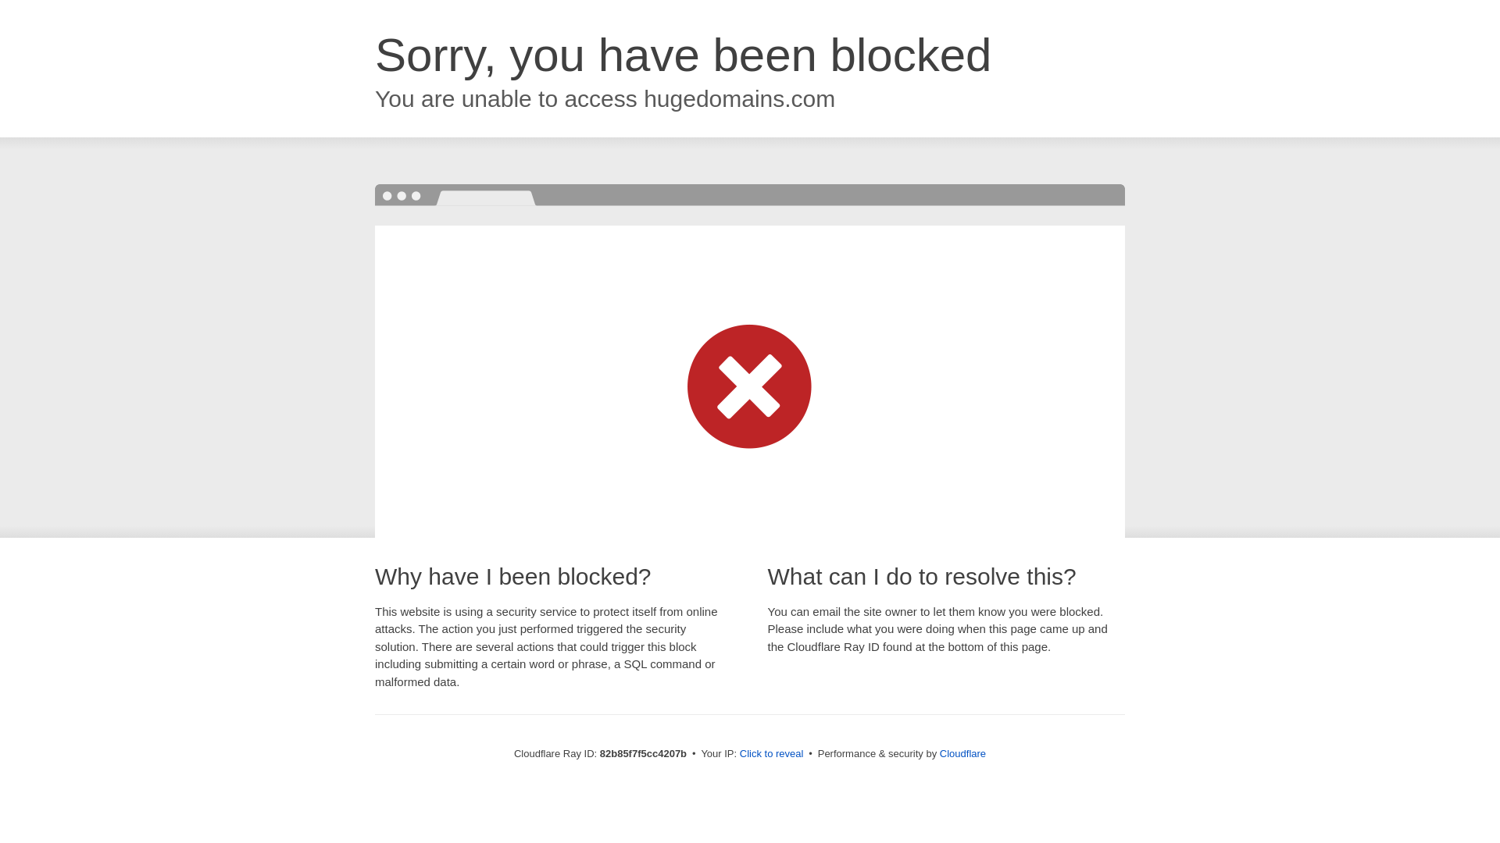  What do you see at coordinates (772, 752) in the screenshot?
I see `'Click to reveal'` at bounding box center [772, 752].